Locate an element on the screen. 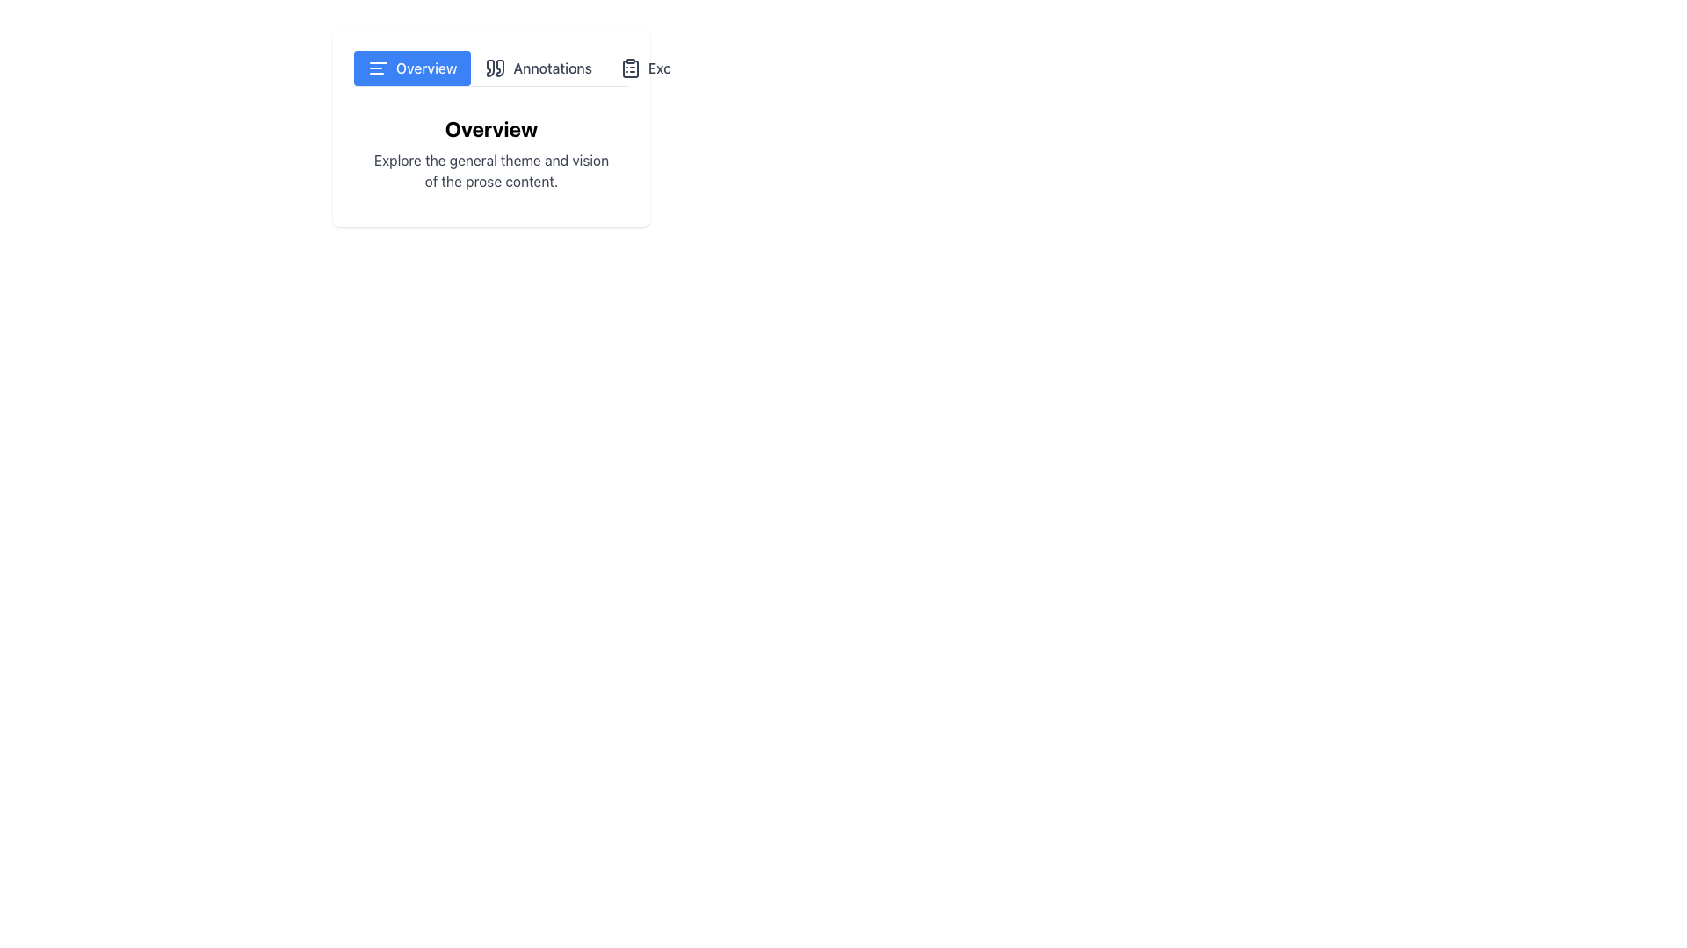 This screenshot has width=1687, height=948. the stylized quotation mark graphic icon located in the top-center region of the interface is located at coordinates (499, 67).